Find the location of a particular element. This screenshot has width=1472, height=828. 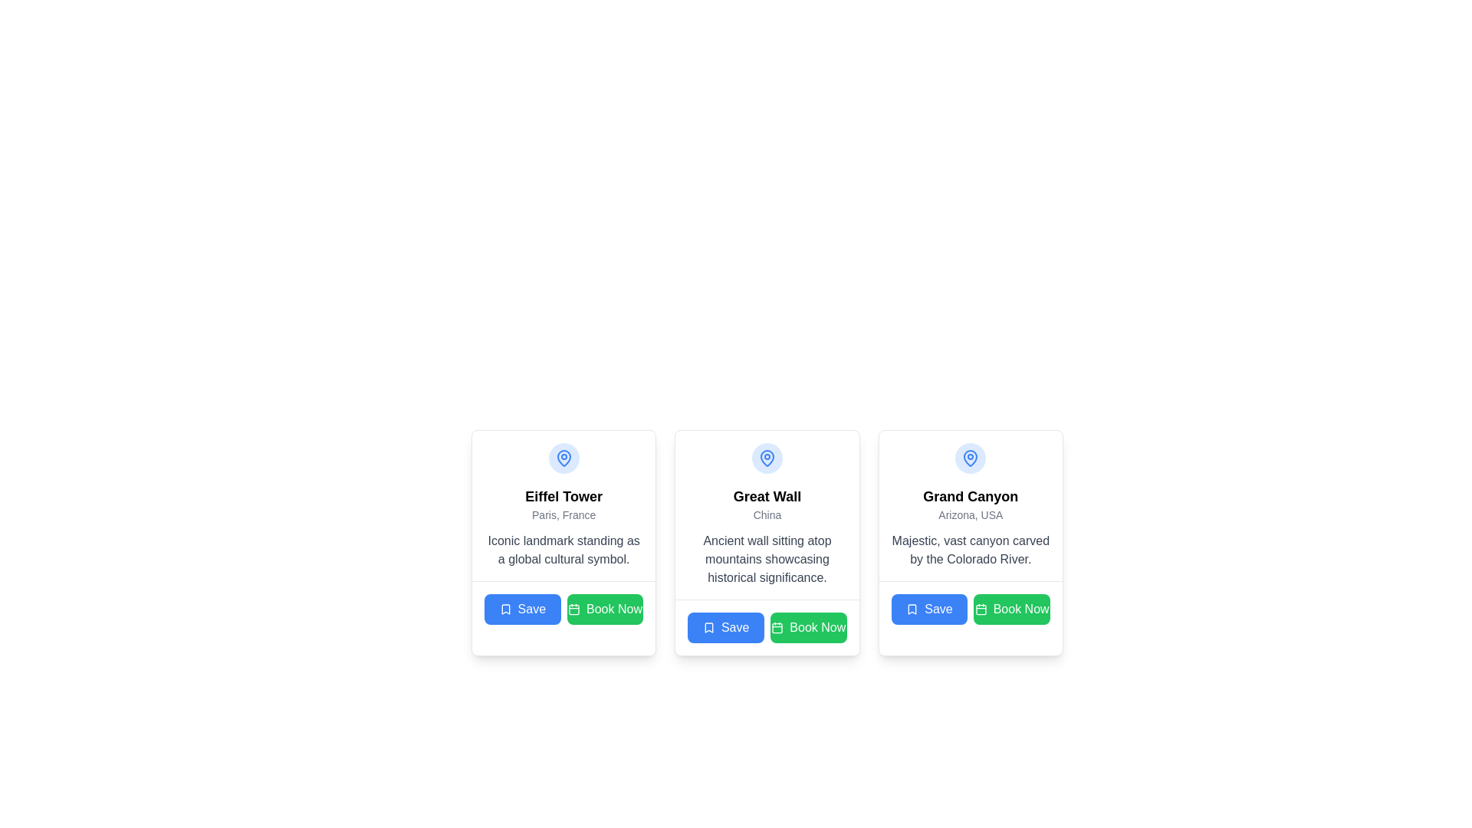

the calendar icon located to the left of the 'Book Now' text within the first card (Eiffel Tower) button is located at coordinates (573, 608).